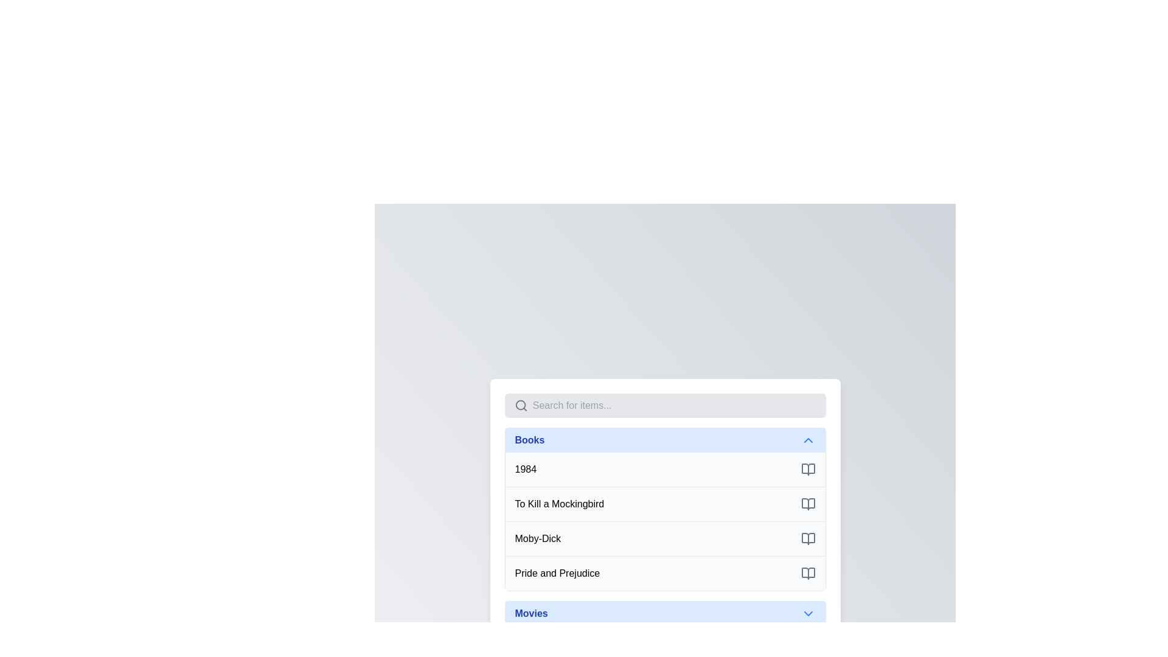  I want to click on the toggle button for bookmarking 'Moby-Dick', located, so click(808, 538).